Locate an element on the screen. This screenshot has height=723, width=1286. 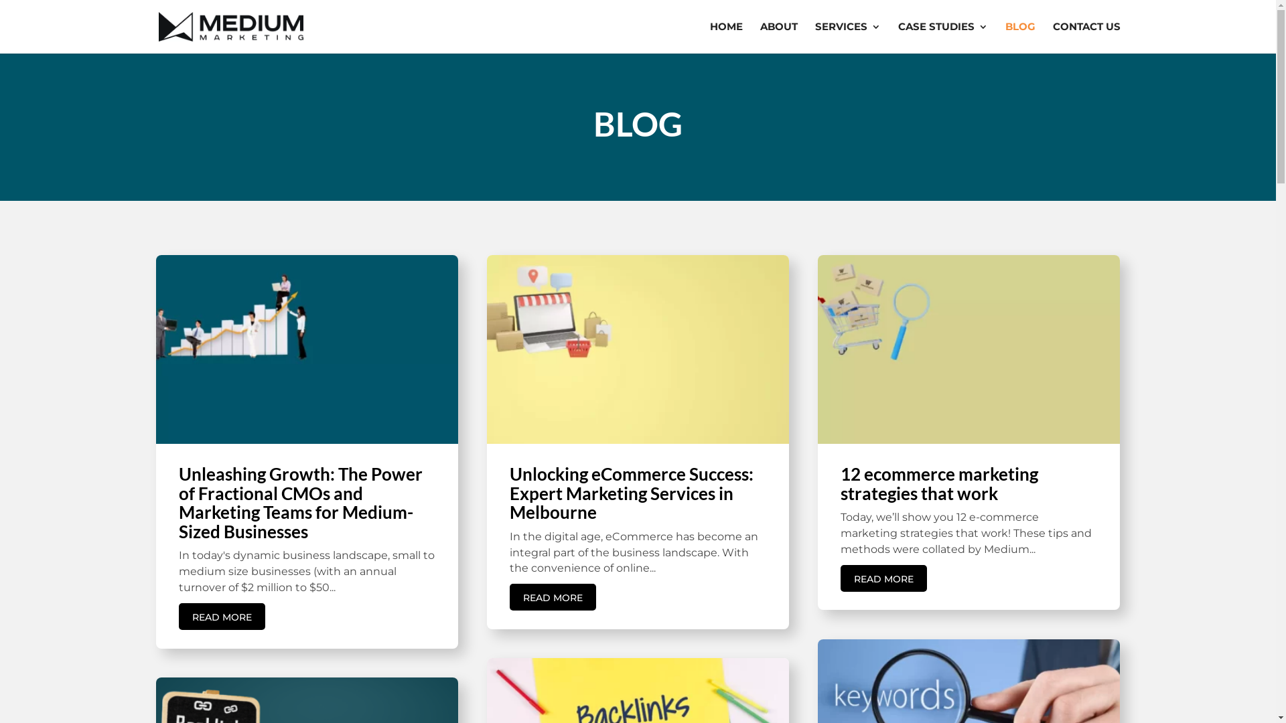
'HOME' is located at coordinates (725, 37).